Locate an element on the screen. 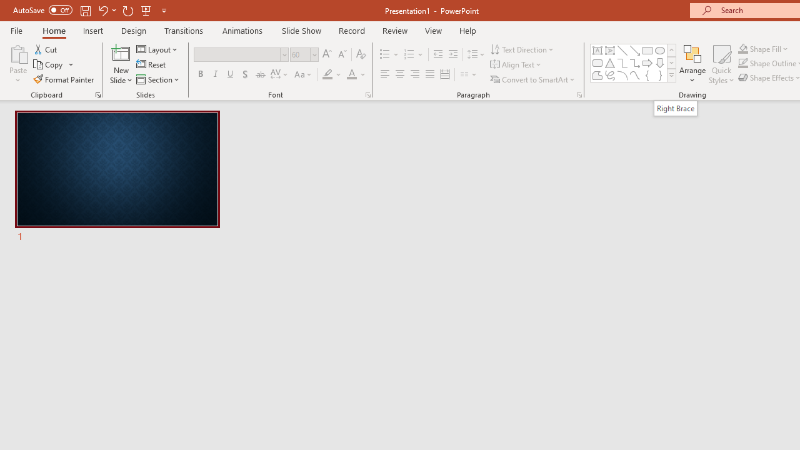  'Reset' is located at coordinates (151, 64).